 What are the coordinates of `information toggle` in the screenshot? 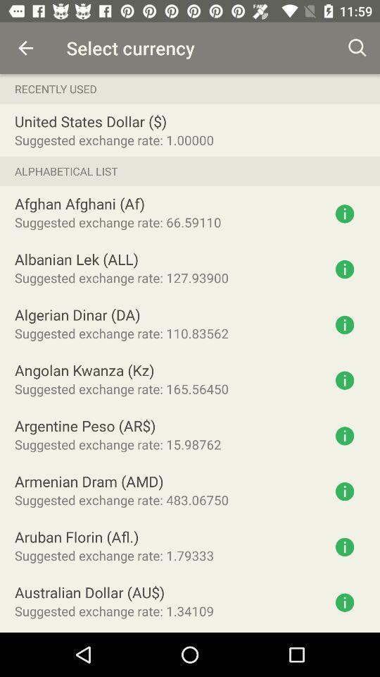 It's located at (344, 492).